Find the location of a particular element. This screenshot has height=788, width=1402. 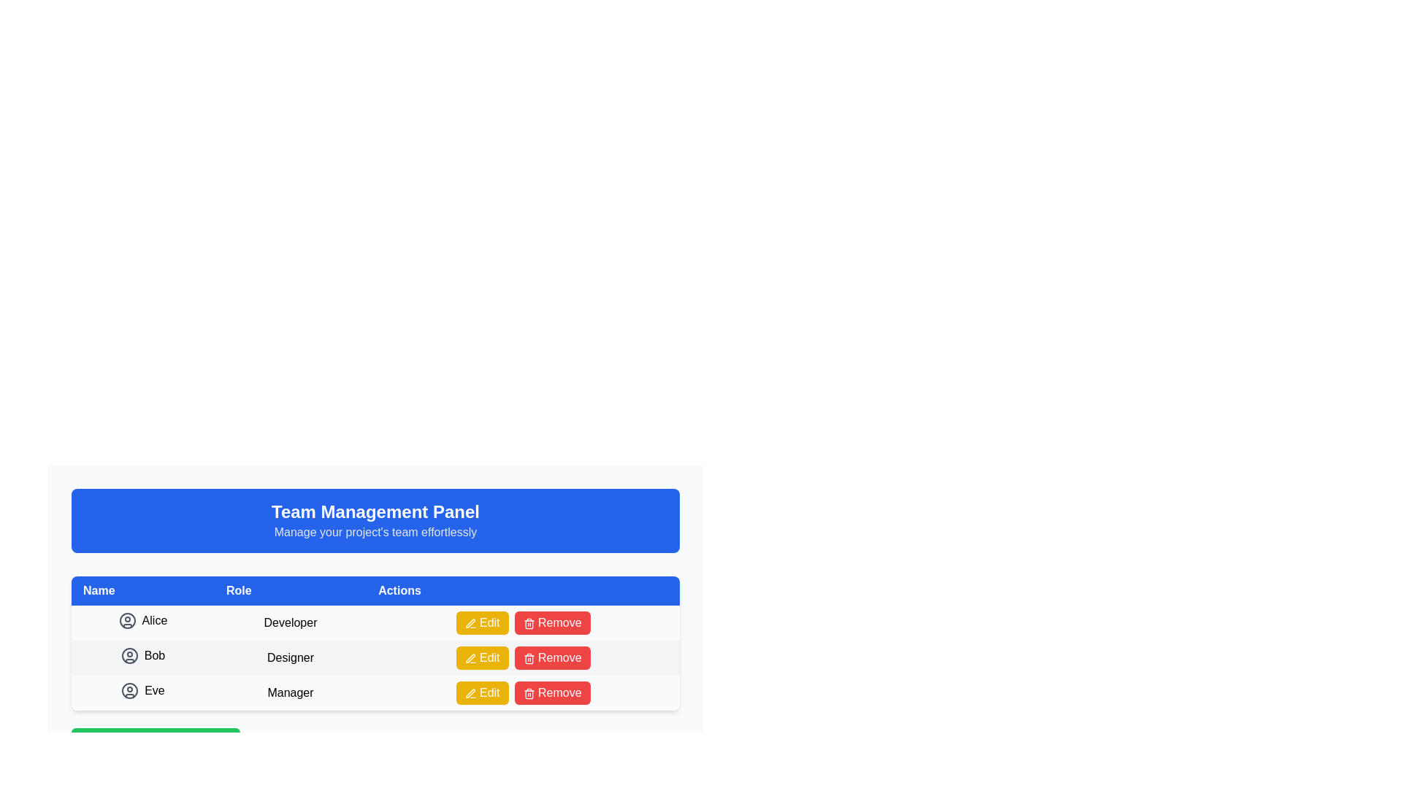

the outermost circle of the user profile icon in the bottom row of the user management table next to 'Eve' to access further functionalities is located at coordinates (130, 689).